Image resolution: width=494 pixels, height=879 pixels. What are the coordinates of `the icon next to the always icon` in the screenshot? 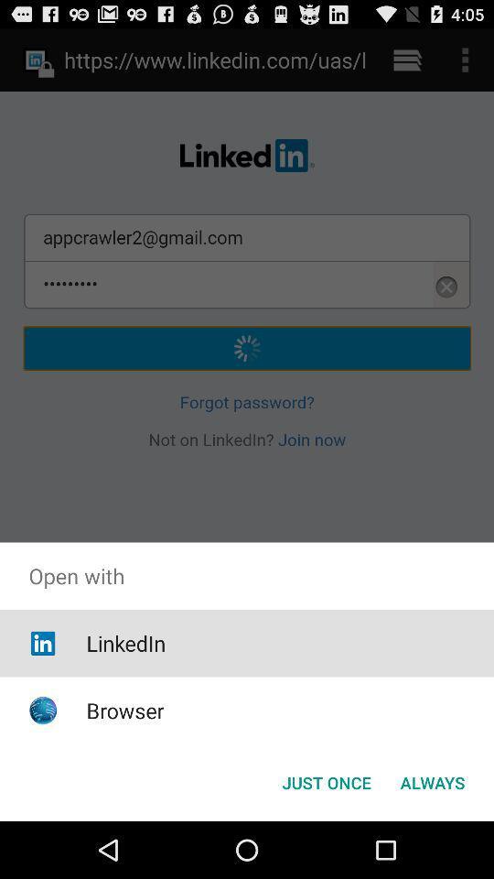 It's located at (326, 781).